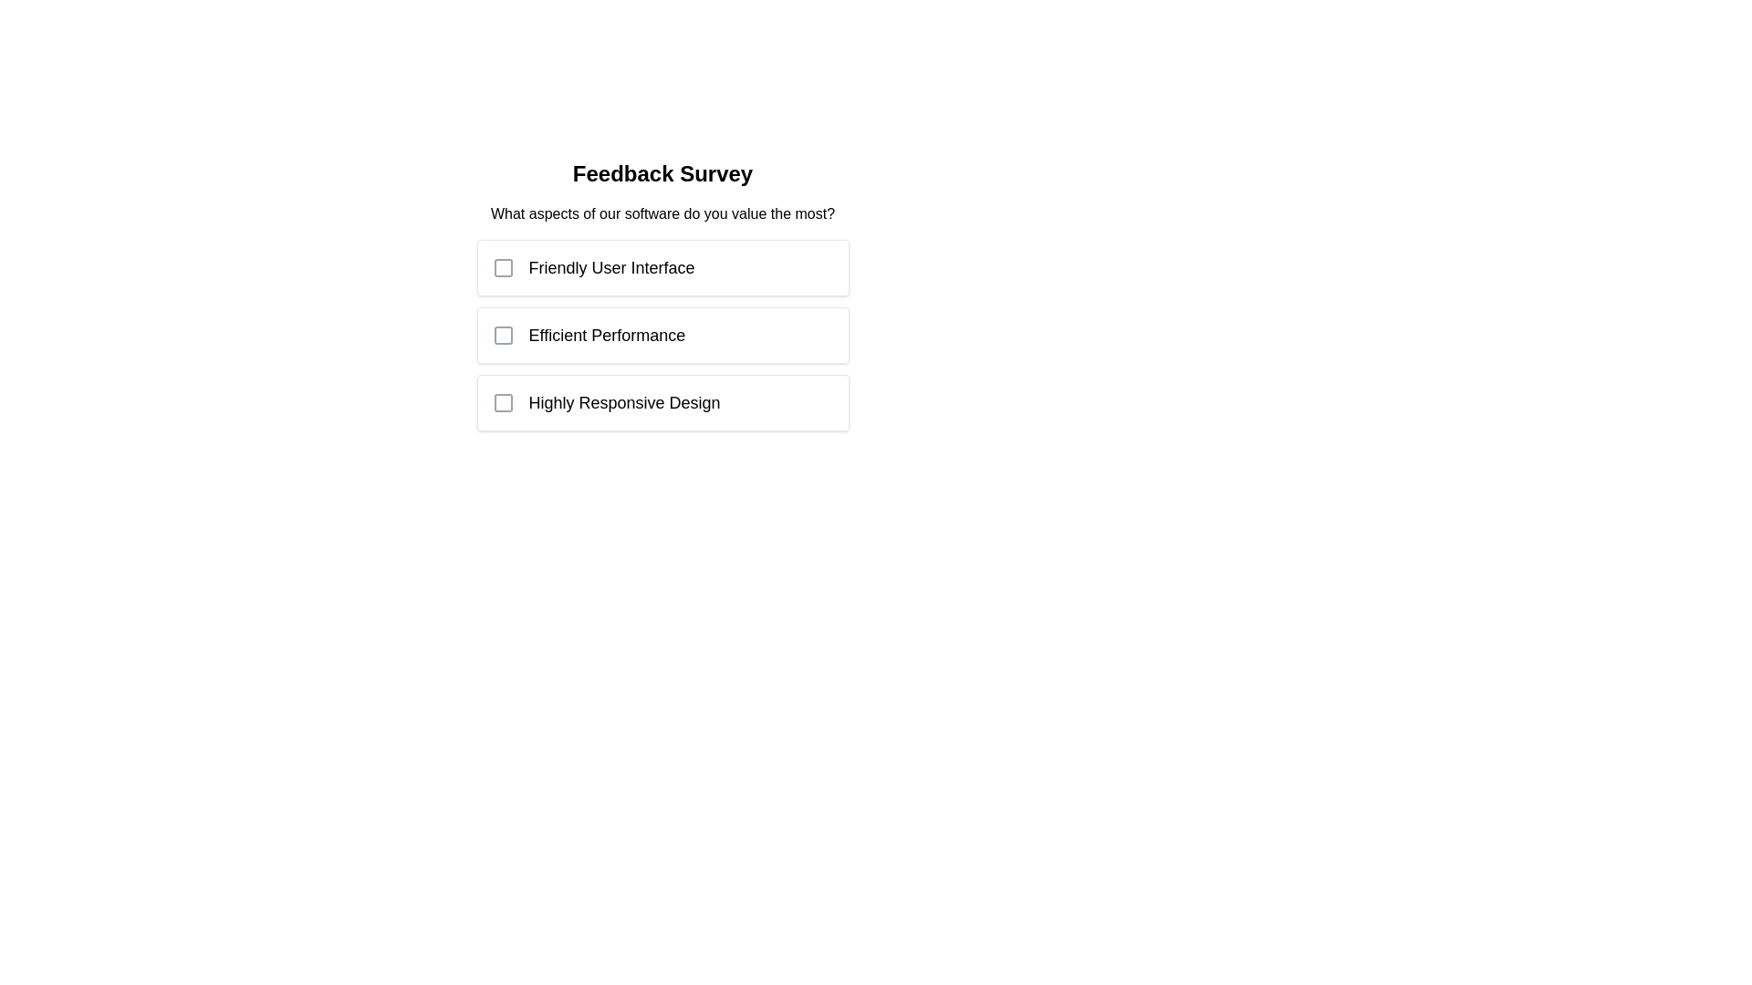 This screenshot has width=1752, height=985. What do you see at coordinates (503, 335) in the screenshot?
I see `the checkbox for 'Efficient Performance'` at bounding box center [503, 335].